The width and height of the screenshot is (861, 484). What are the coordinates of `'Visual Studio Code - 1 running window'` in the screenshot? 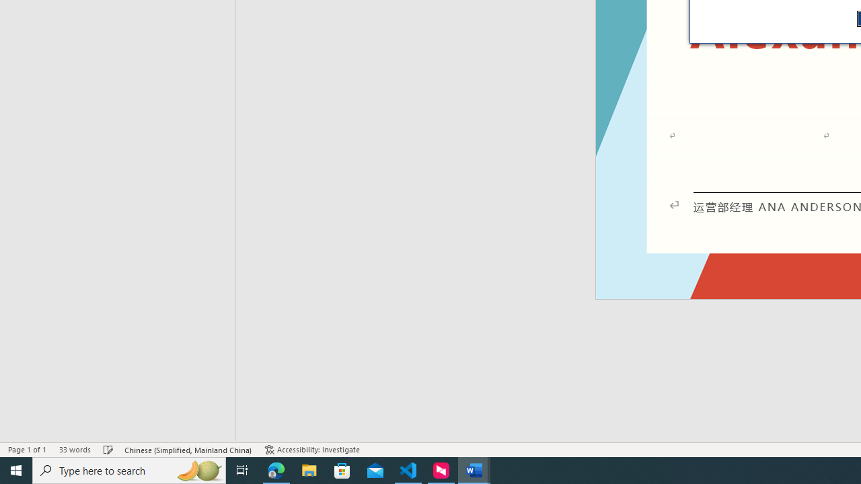 It's located at (408, 469).